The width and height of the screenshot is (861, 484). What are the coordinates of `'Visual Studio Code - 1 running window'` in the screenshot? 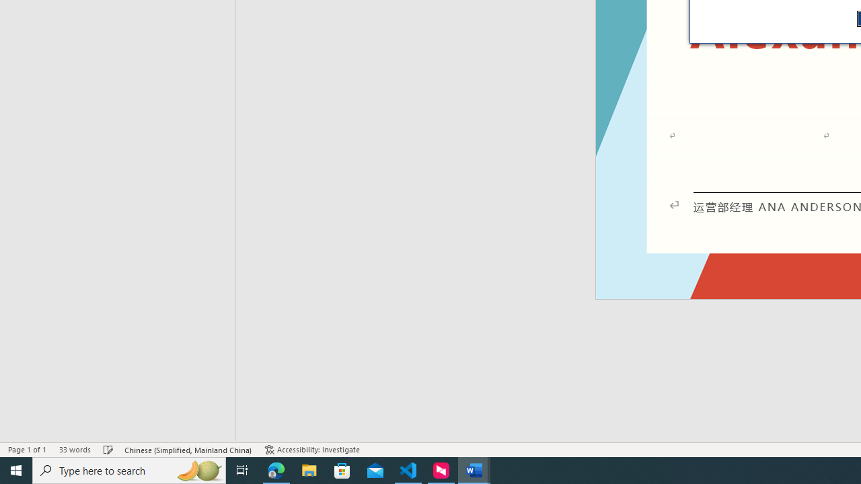 It's located at (408, 469).